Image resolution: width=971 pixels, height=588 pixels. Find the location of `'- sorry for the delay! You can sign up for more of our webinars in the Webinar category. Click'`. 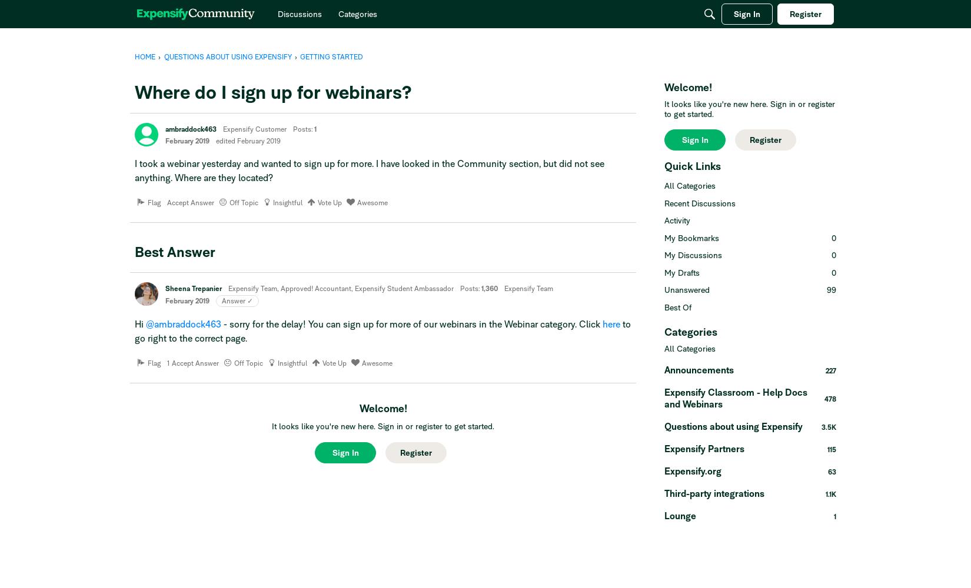

'- sorry for the delay! You can sign up for more of our webinars in the Webinar category. Click' is located at coordinates (221, 324).